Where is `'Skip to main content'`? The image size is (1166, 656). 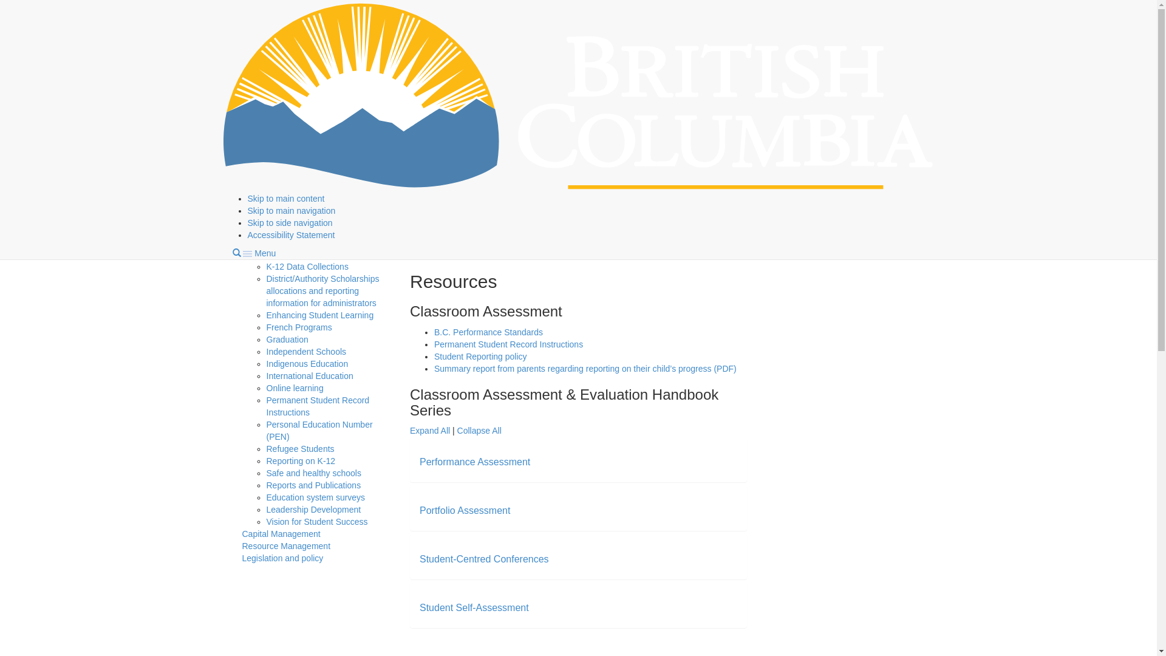
'Skip to main content' is located at coordinates (285, 198).